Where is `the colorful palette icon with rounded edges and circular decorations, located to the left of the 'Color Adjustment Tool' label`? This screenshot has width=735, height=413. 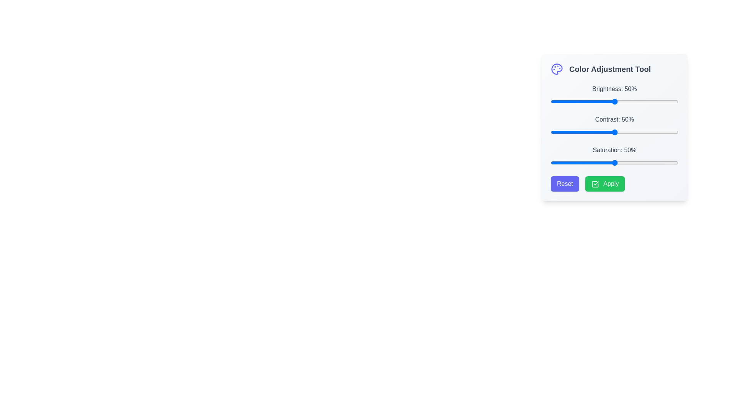 the colorful palette icon with rounded edges and circular decorations, located to the left of the 'Color Adjustment Tool' label is located at coordinates (557, 69).